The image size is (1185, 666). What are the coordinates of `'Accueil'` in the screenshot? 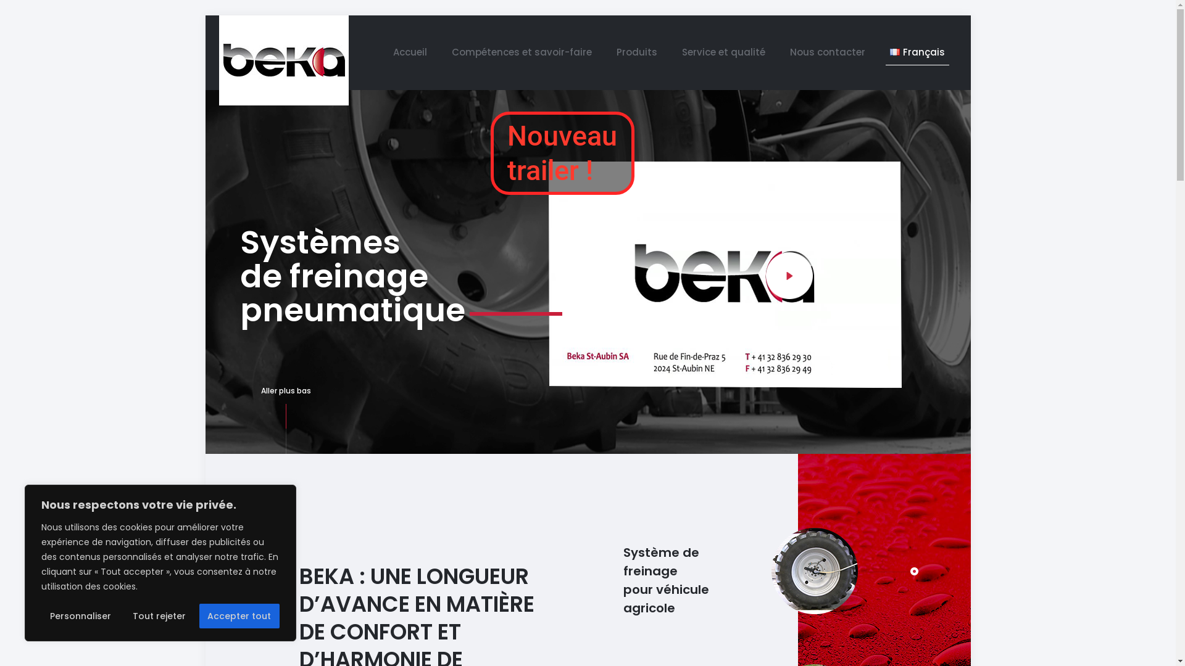 It's located at (410, 51).